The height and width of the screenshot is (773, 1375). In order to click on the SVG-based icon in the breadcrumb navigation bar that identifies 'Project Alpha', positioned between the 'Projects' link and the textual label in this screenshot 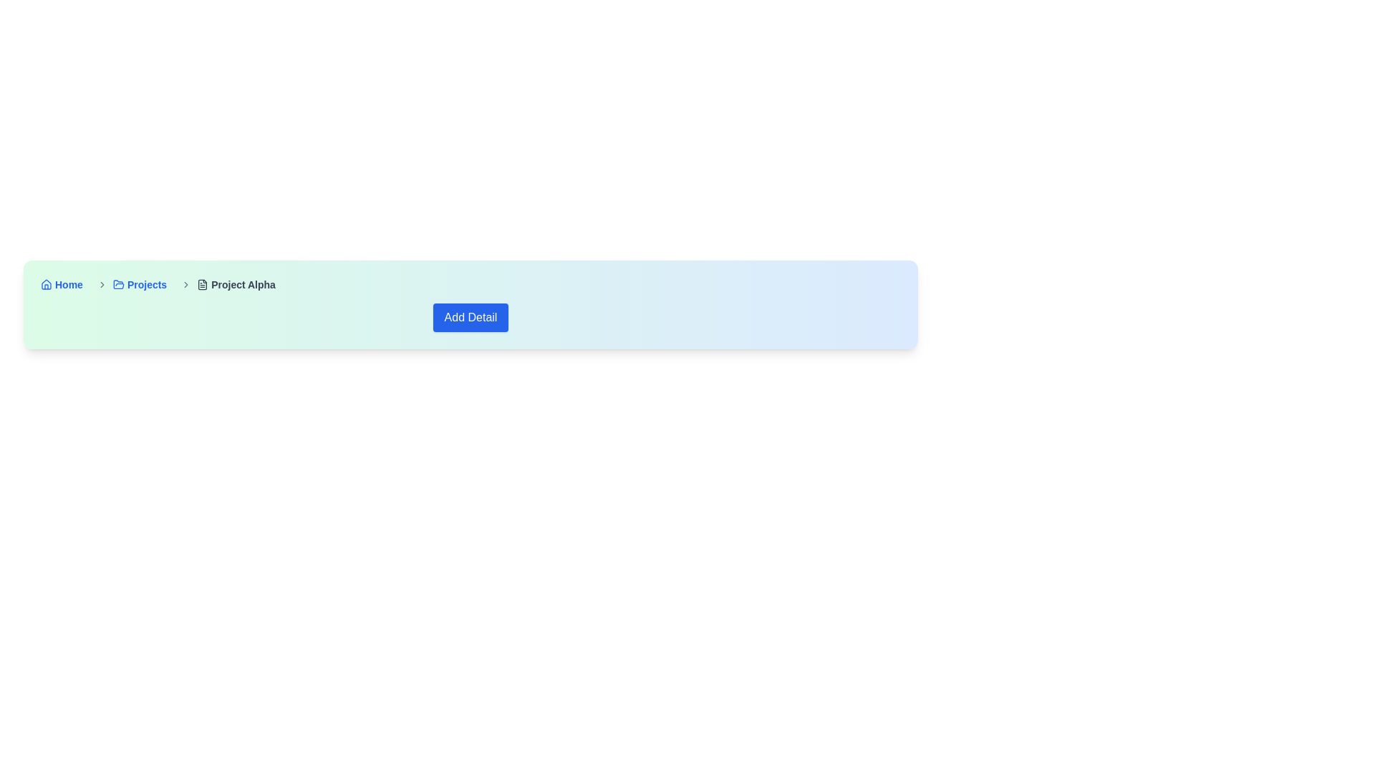, I will do `click(202, 284)`.